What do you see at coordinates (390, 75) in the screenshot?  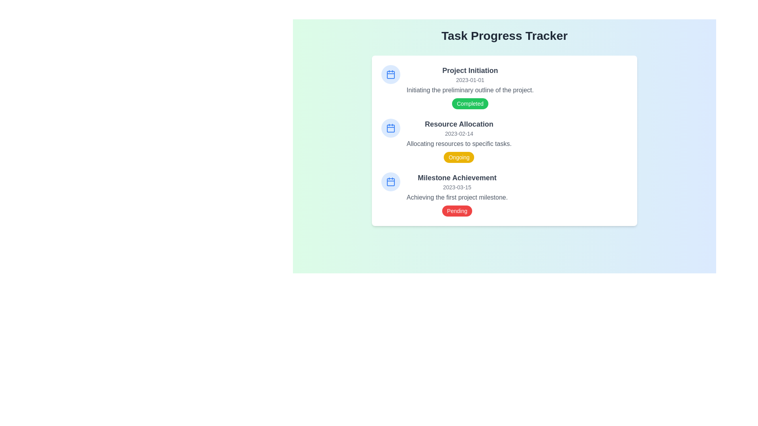 I see `the calendar icon located to the left of the 'Project Initiation' task entry in the task progress tracker` at bounding box center [390, 75].